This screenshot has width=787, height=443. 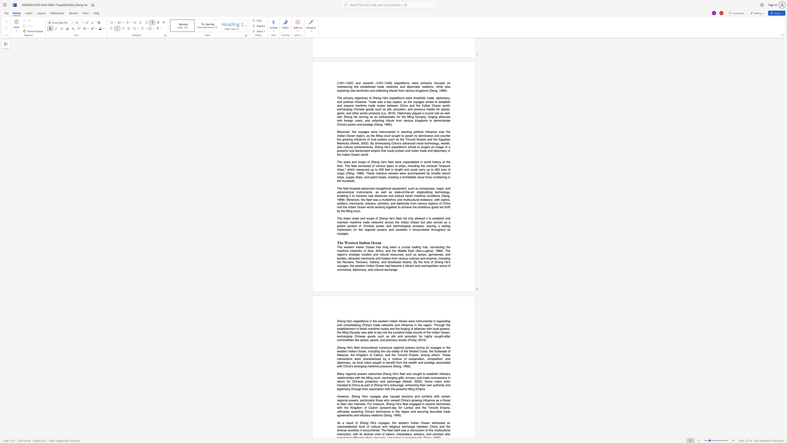 I want to click on the subset text "Western Indi" within the text "The Western Indian Ocean", so click(x=344, y=242).